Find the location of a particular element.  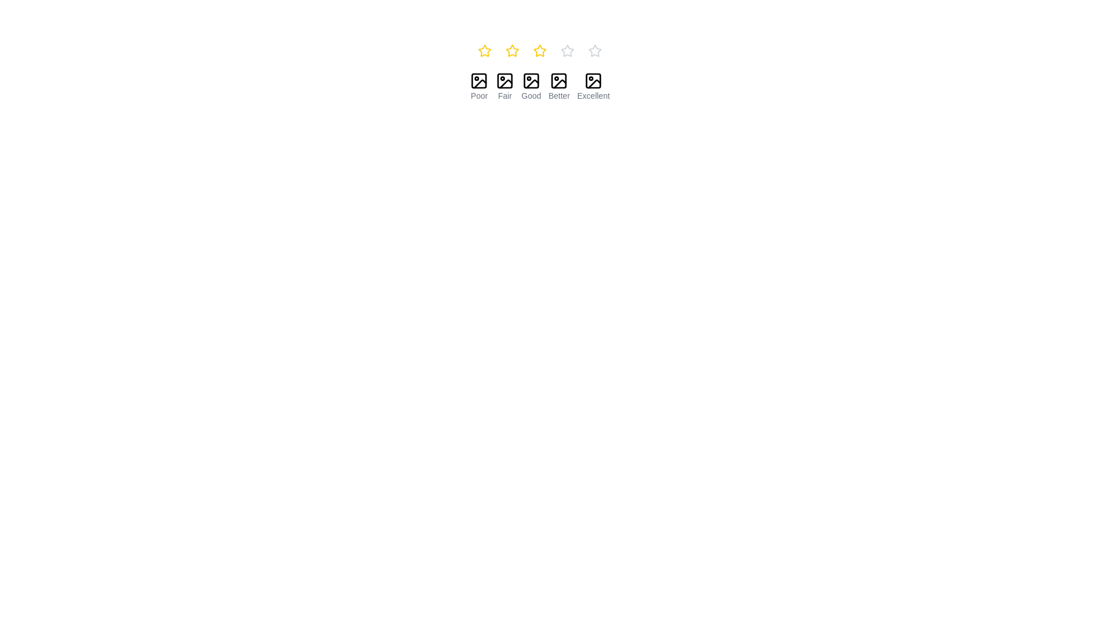

the fifth star icon in the row of rating stars, which is light gray and hollow is located at coordinates (595, 50).